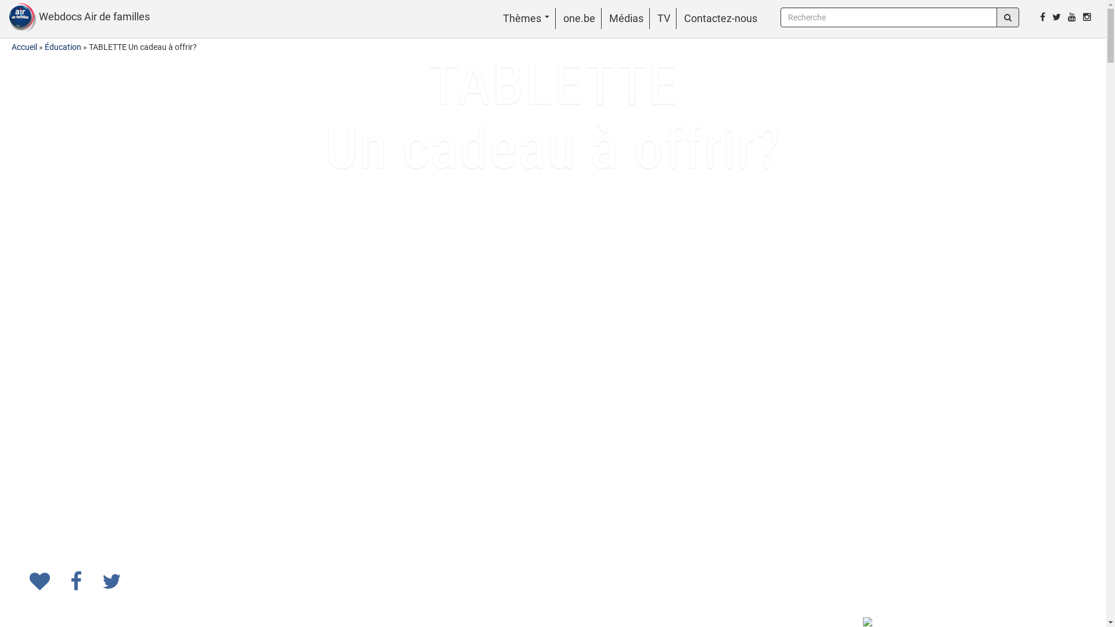  What do you see at coordinates (1056, 17) in the screenshot?
I see `'Twitte de l'ONE'` at bounding box center [1056, 17].